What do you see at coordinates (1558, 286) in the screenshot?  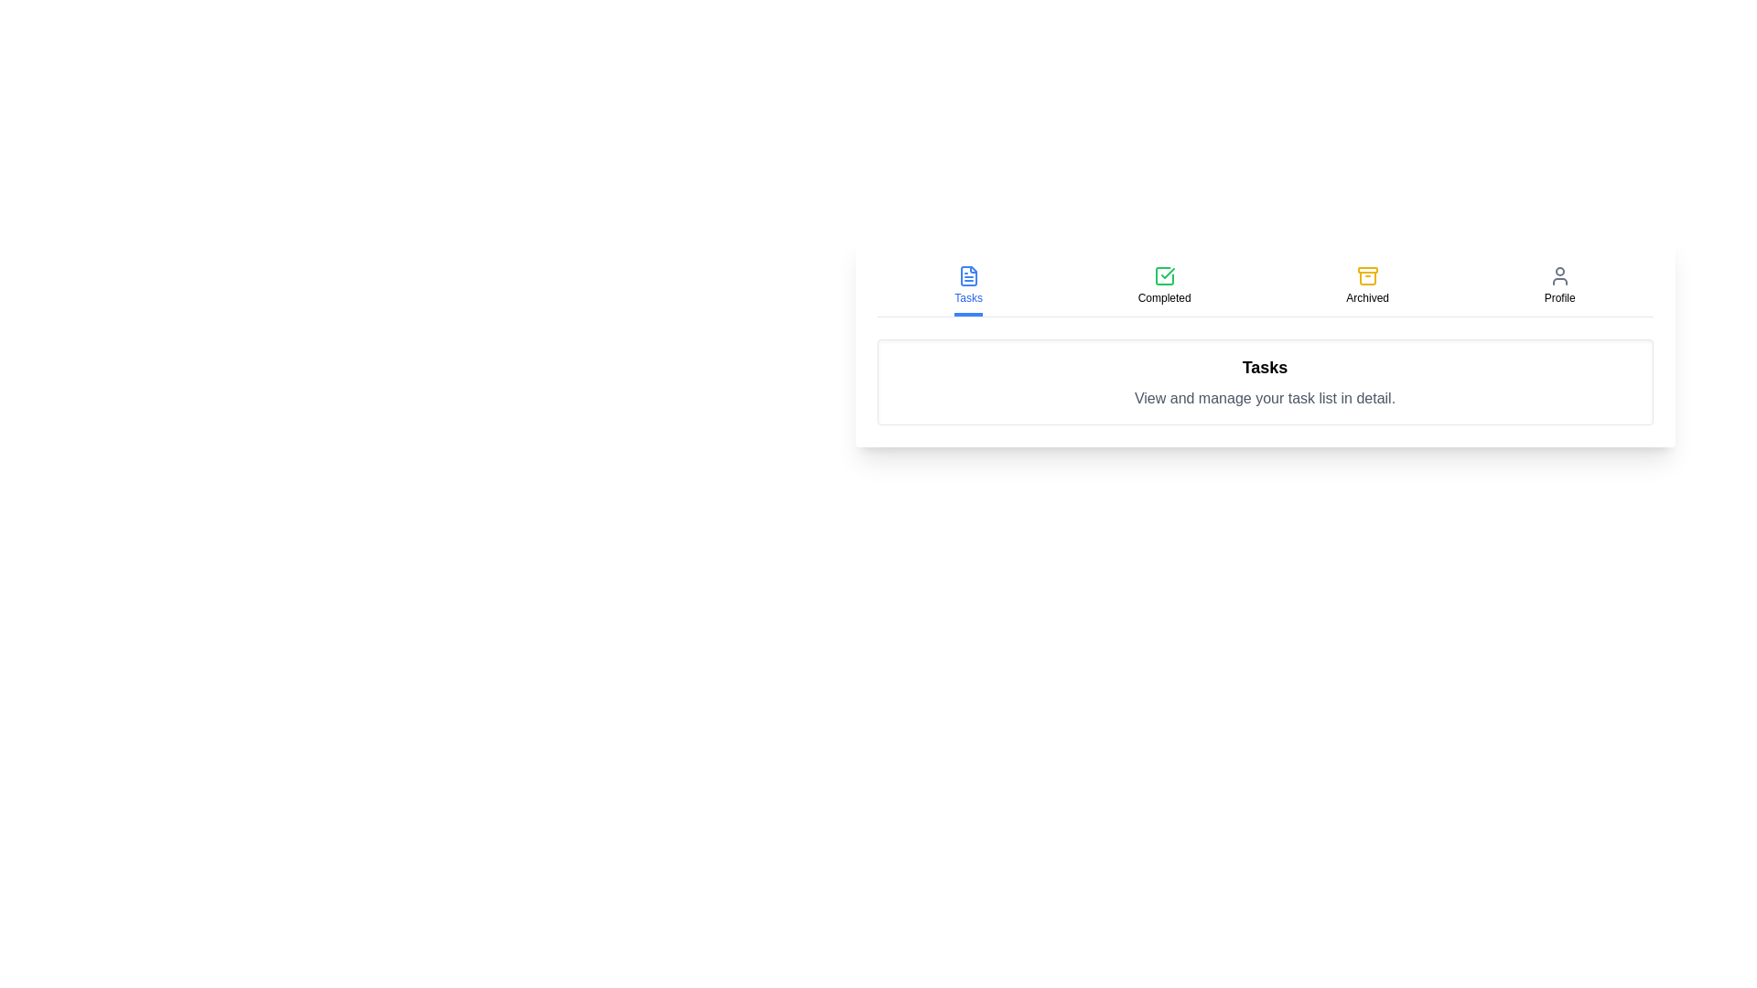 I see `the tab labeled Profile to view its content` at bounding box center [1558, 286].